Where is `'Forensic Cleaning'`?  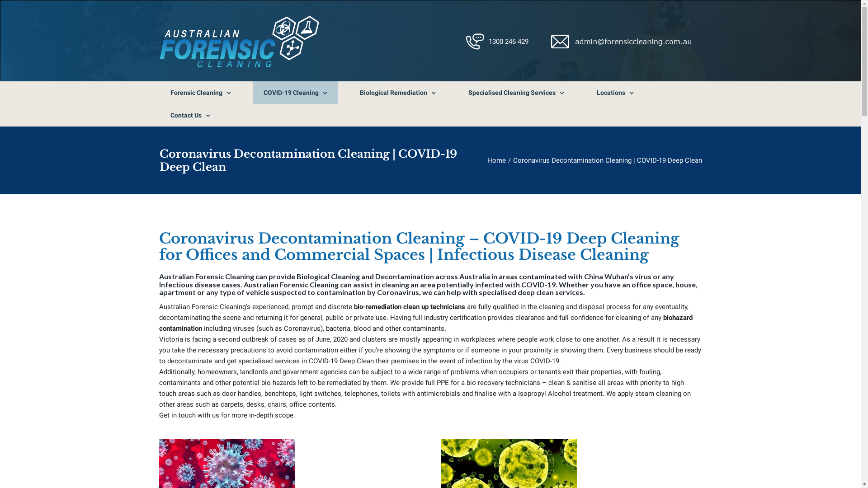 'Forensic Cleaning' is located at coordinates (159, 92).